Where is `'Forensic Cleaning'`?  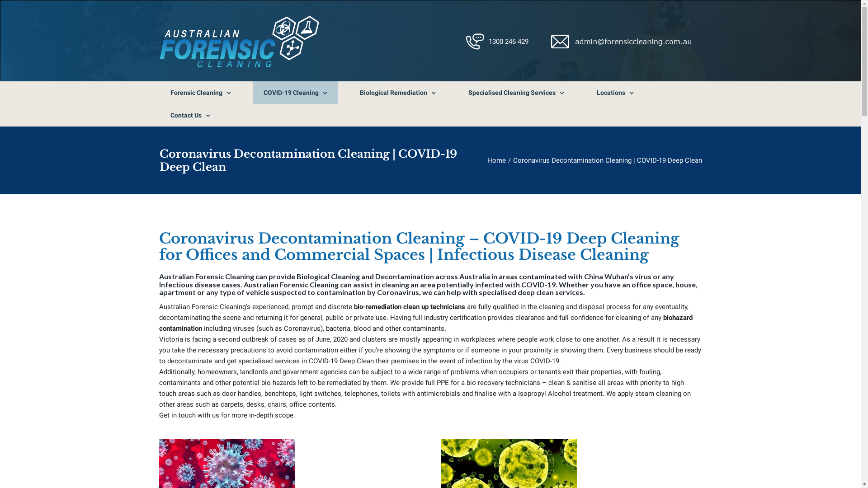 'Forensic Cleaning' is located at coordinates (159, 92).